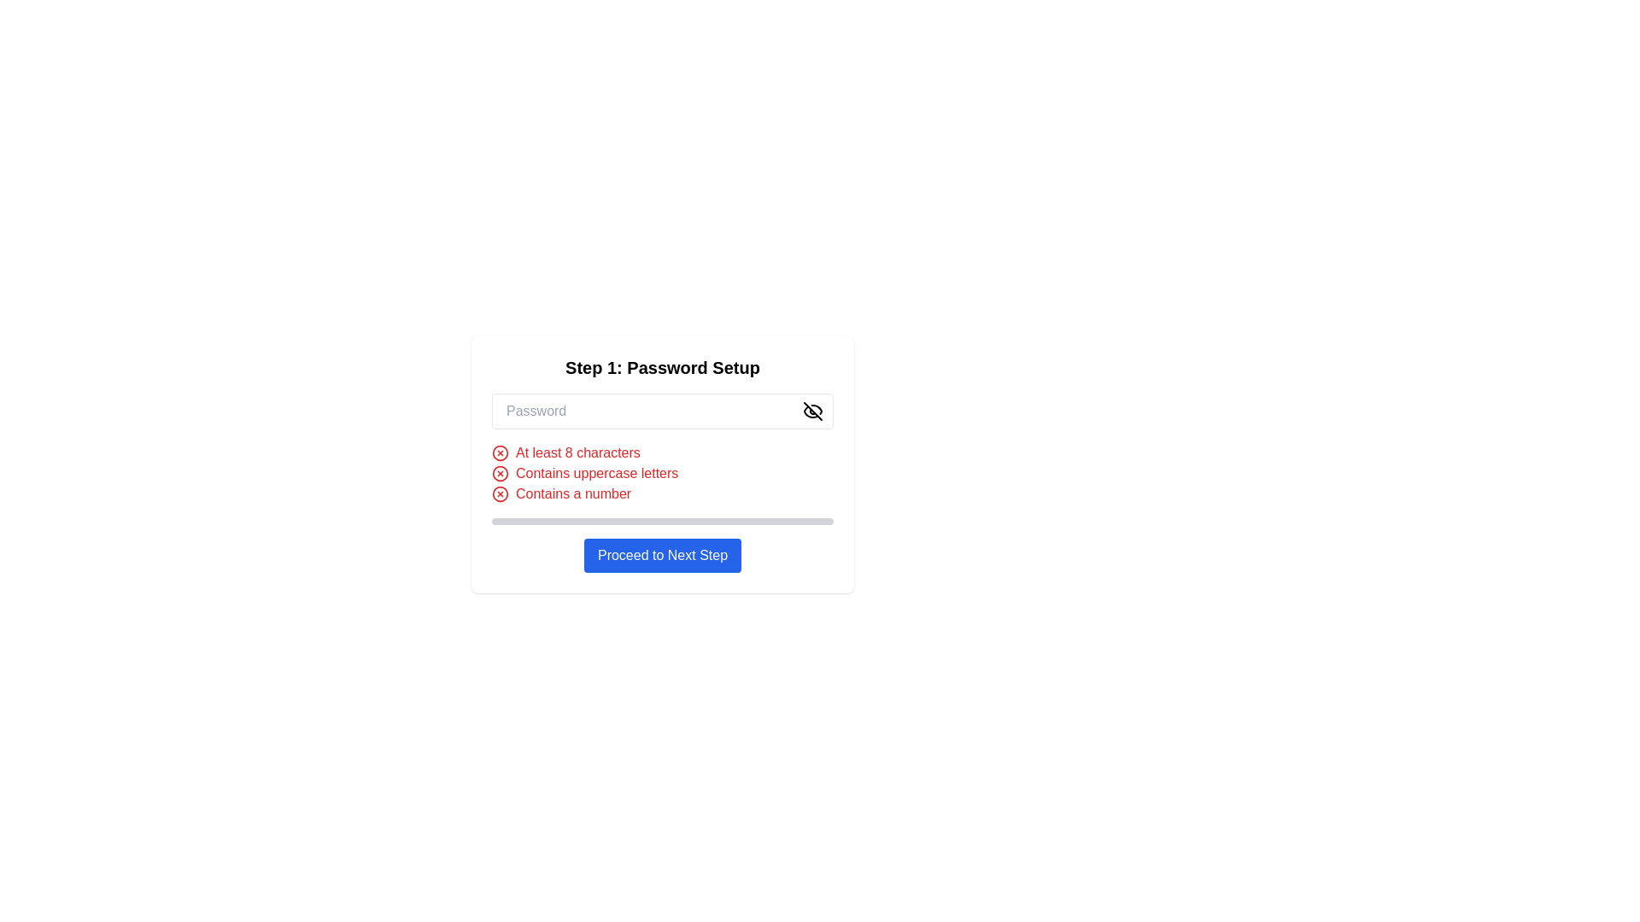 This screenshot has width=1640, height=922. Describe the element at coordinates (811, 411) in the screenshot. I see `the visibility toggle icon button located on the right side of the password input field` at that location.